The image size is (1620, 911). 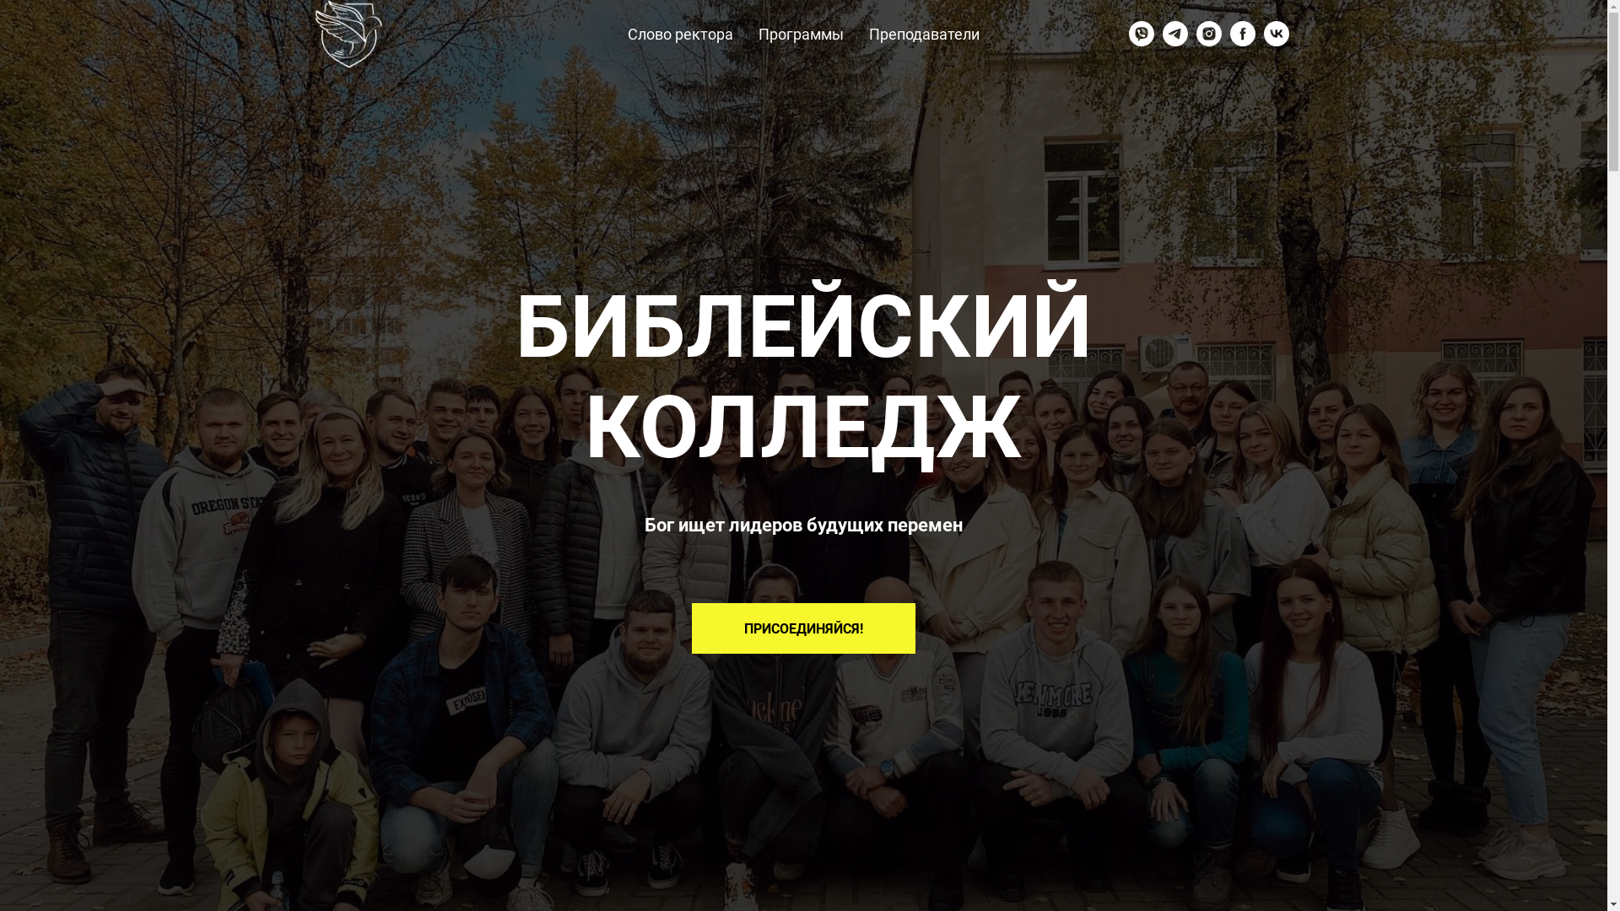 I want to click on 'Instagram', so click(x=1208, y=33).